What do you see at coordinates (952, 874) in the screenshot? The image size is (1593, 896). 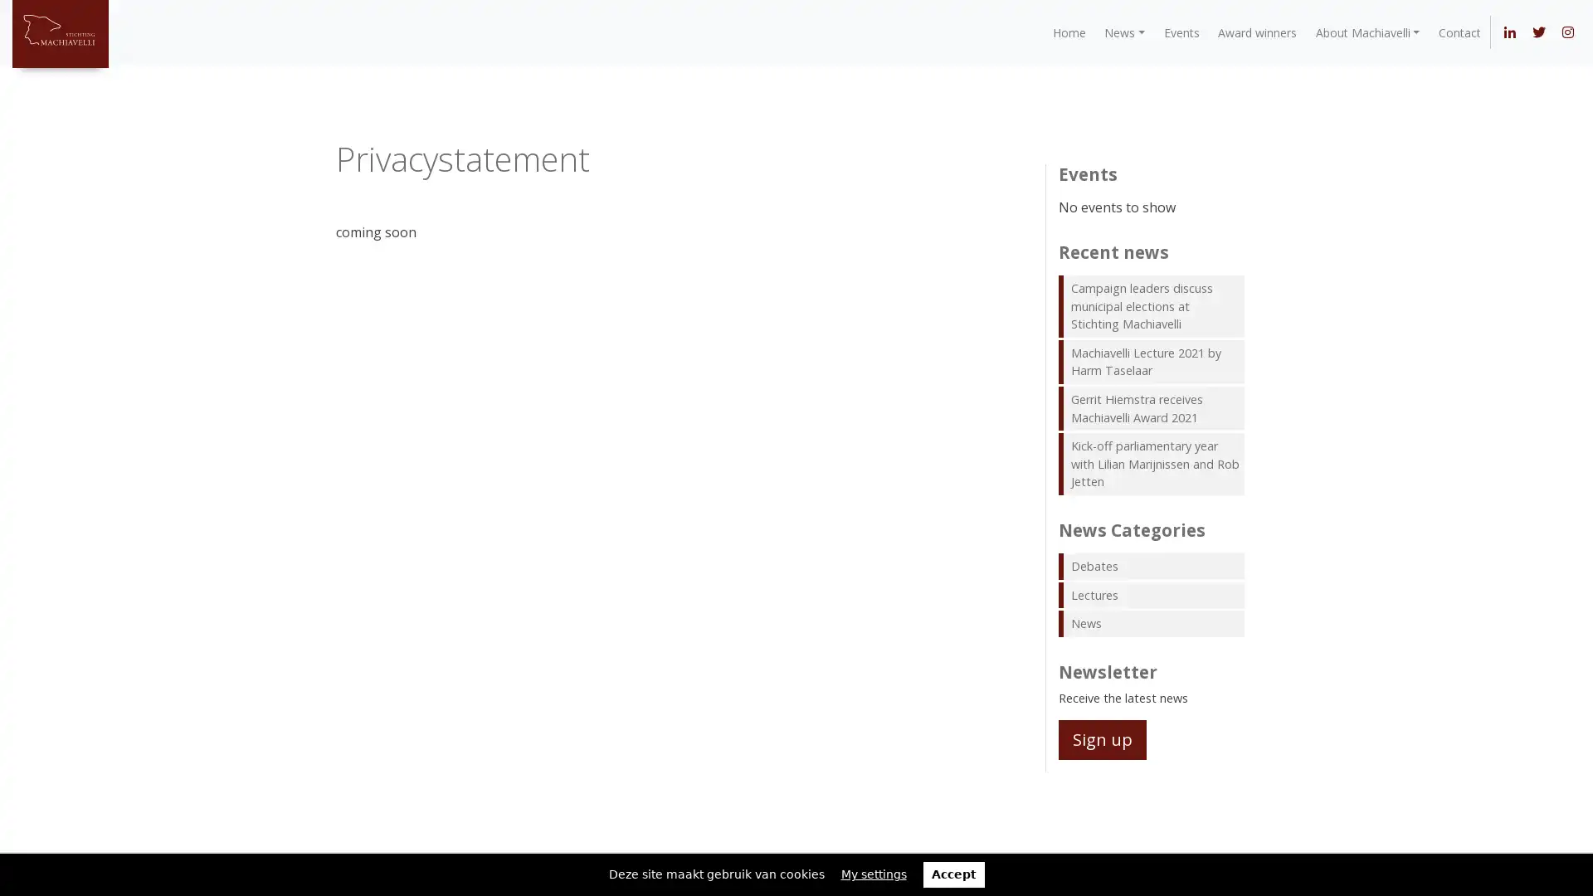 I see `Accept` at bounding box center [952, 874].